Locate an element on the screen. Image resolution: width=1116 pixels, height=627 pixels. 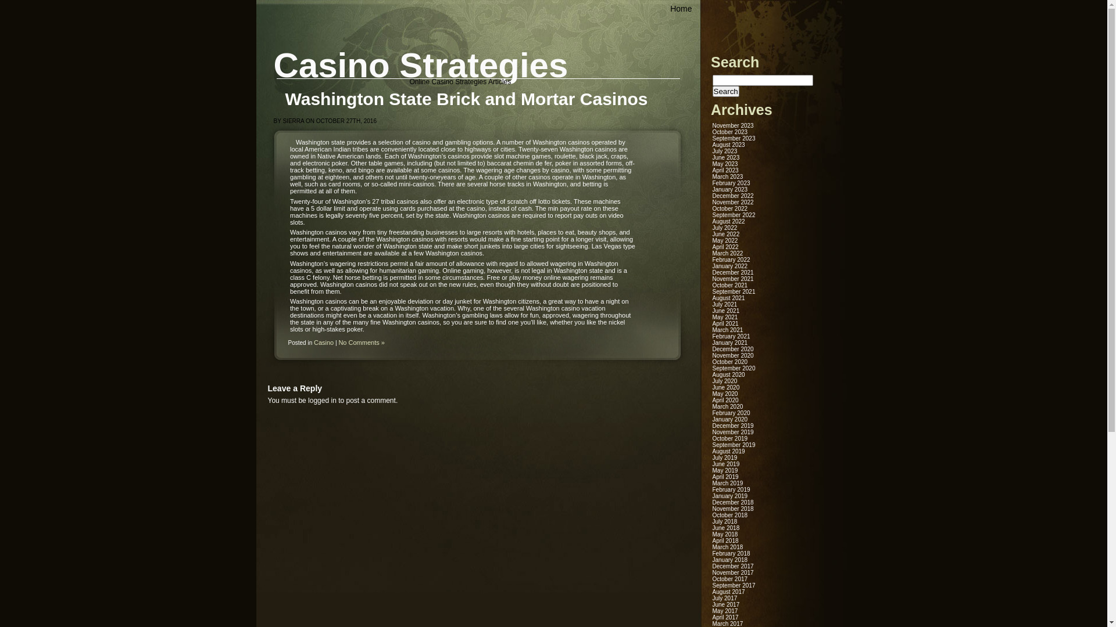
'Casino Strategies' is located at coordinates (420, 65).